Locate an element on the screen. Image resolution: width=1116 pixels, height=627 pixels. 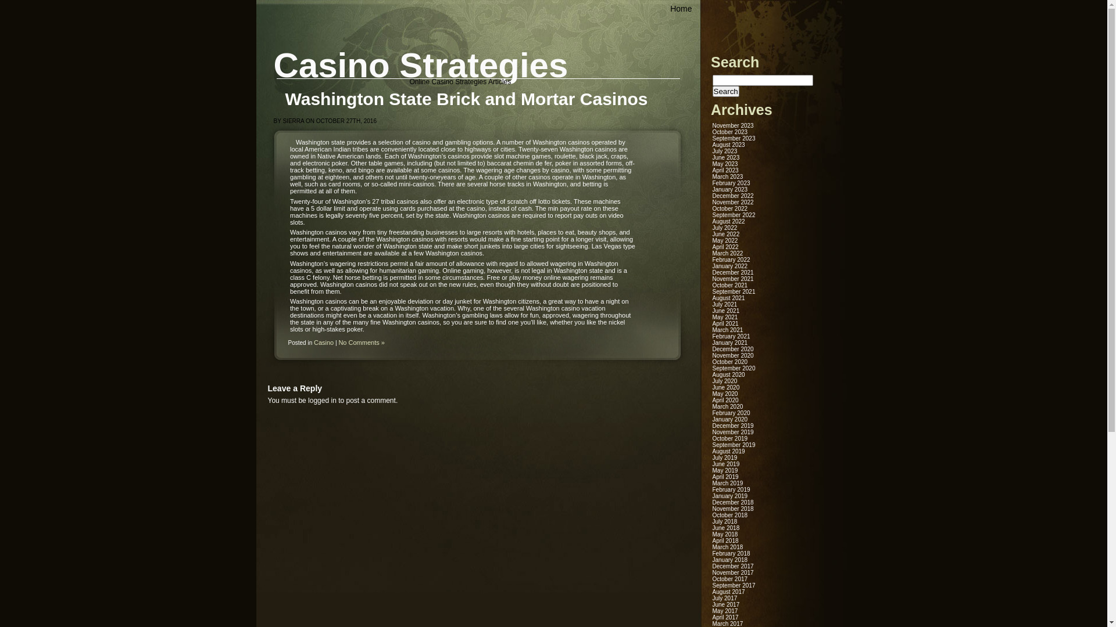
'Casino Strategies' is located at coordinates (420, 65).